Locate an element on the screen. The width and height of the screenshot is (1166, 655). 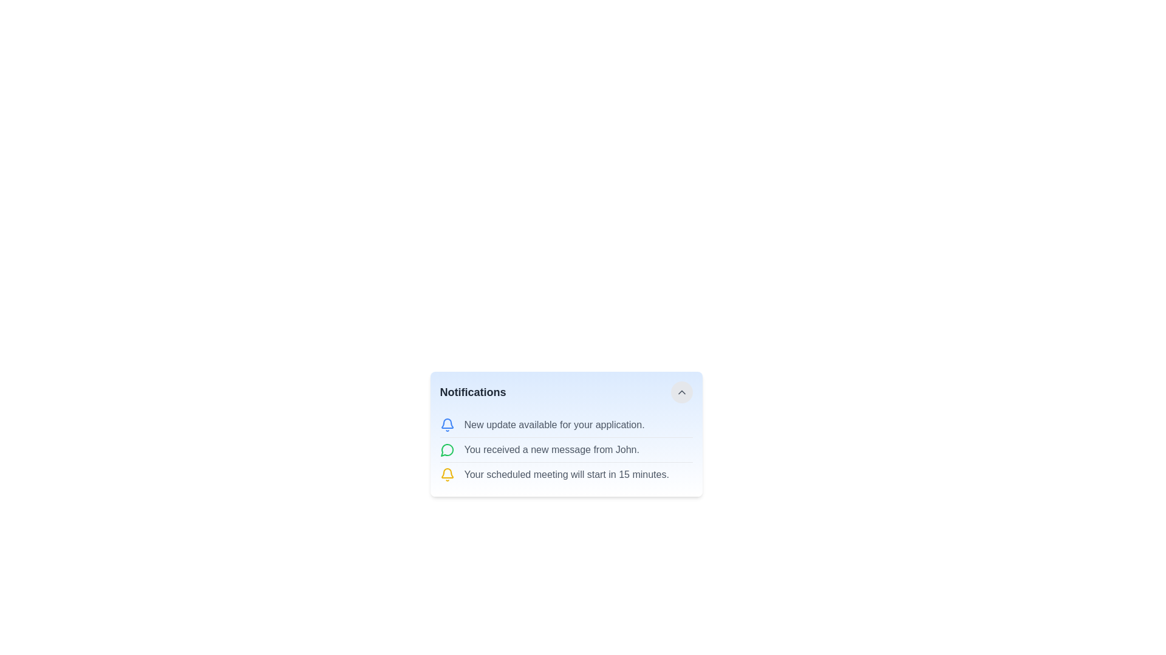
the second notification item displaying a new message from John is located at coordinates (565, 449).